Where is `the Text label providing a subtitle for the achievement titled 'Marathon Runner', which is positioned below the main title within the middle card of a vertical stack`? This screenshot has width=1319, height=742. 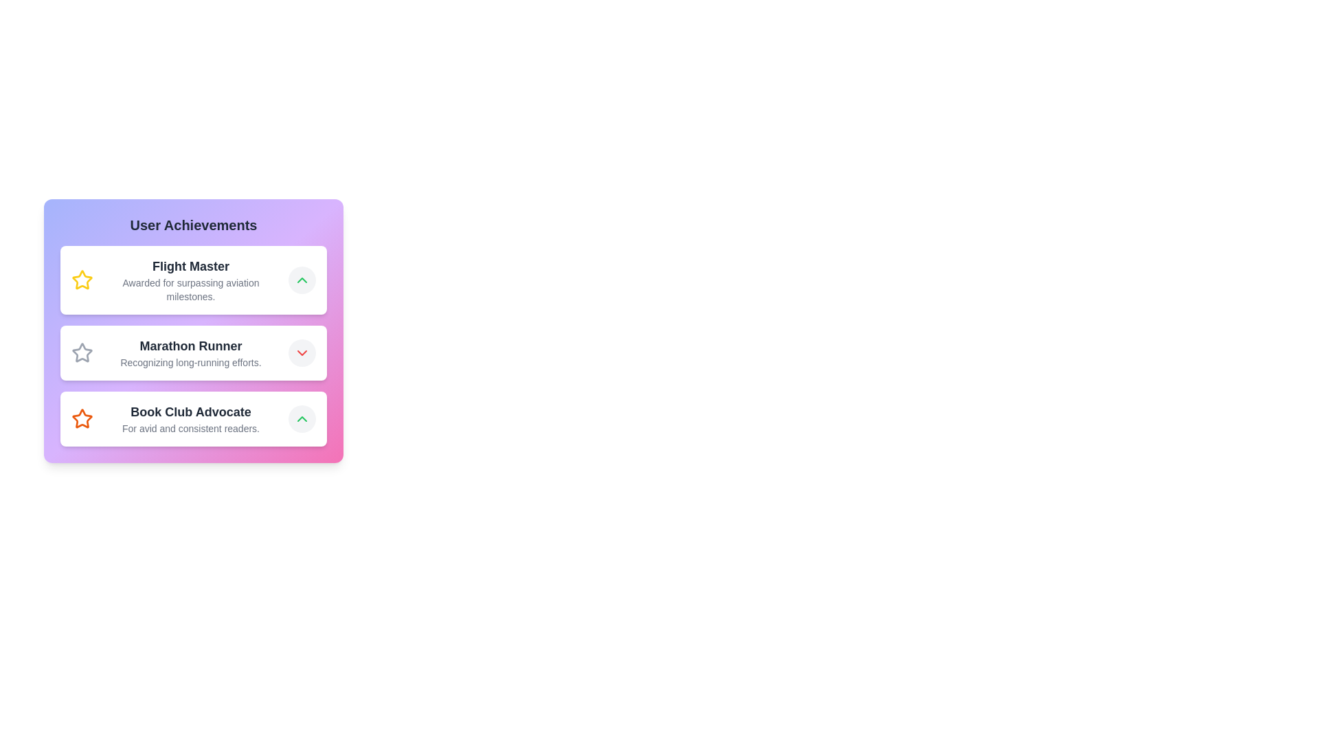
the Text label providing a subtitle for the achievement titled 'Marathon Runner', which is positioned below the main title within the middle card of a vertical stack is located at coordinates (190, 362).